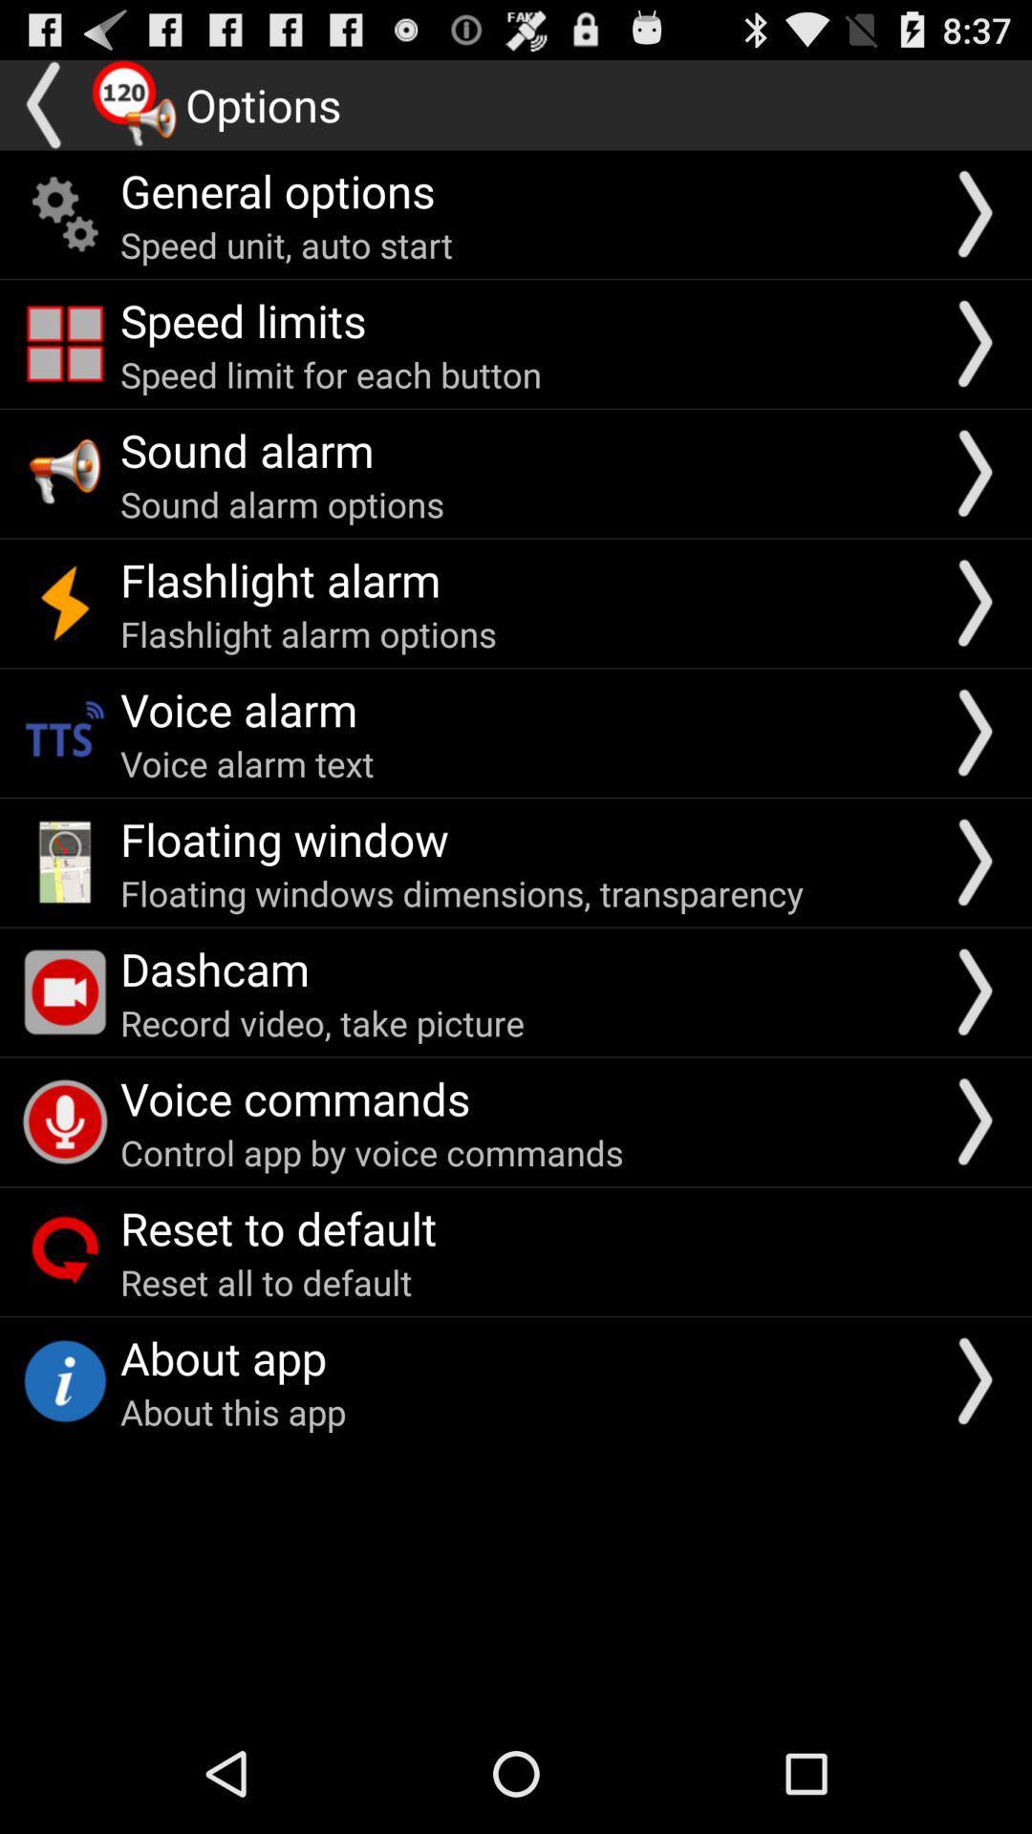  I want to click on go back, so click(44, 104).